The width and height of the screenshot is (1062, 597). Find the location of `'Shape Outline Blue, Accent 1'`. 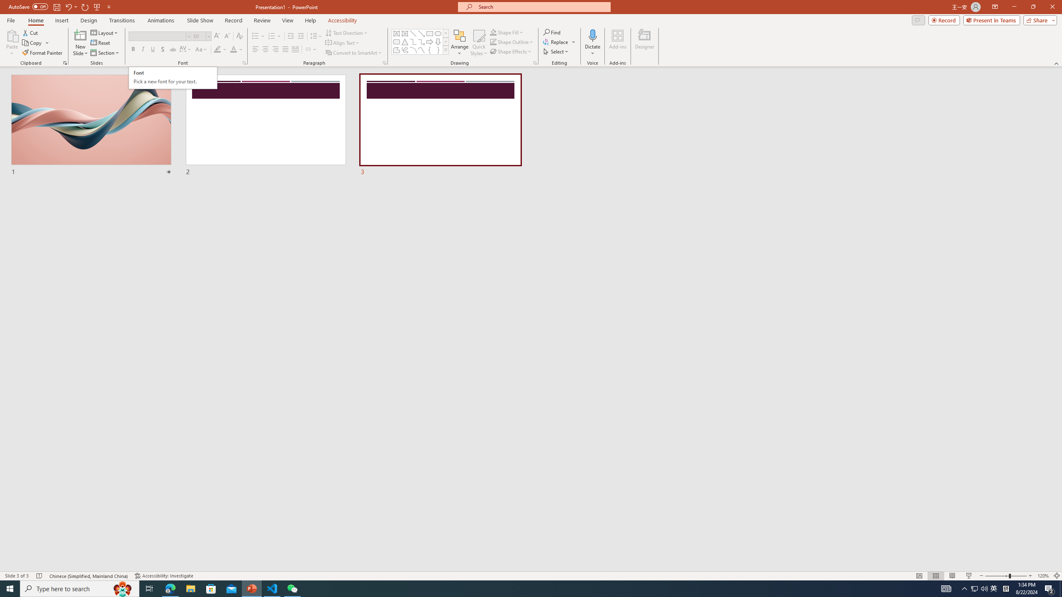

'Shape Outline Blue, Accent 1' is located at coordinates (493, 41).